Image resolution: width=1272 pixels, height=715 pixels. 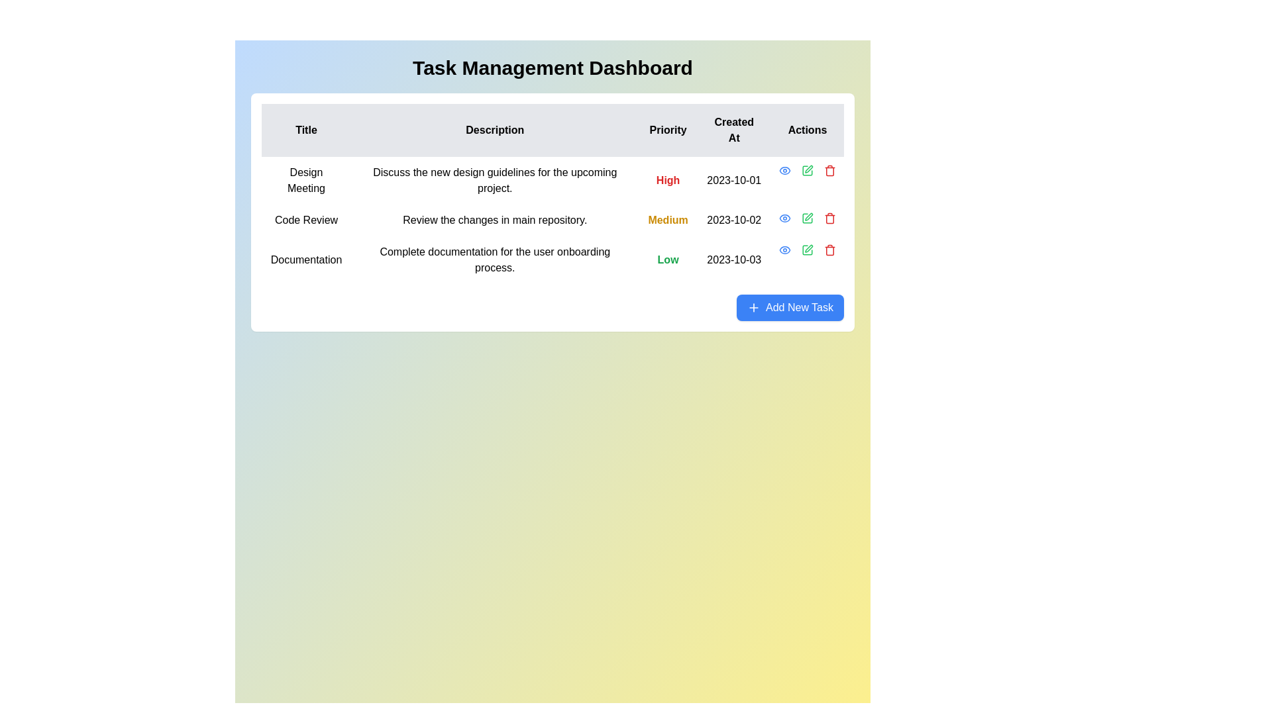 I want to click on the 'High' text label in bold red font, indicating priority, located in the 'Priority' column of the first row of a task management table, so click(x=668, y=181).